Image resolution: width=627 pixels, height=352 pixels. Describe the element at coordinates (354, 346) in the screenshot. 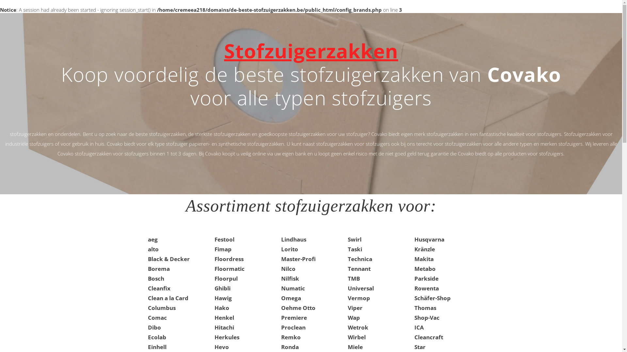

I see `'Miele'` at that location.